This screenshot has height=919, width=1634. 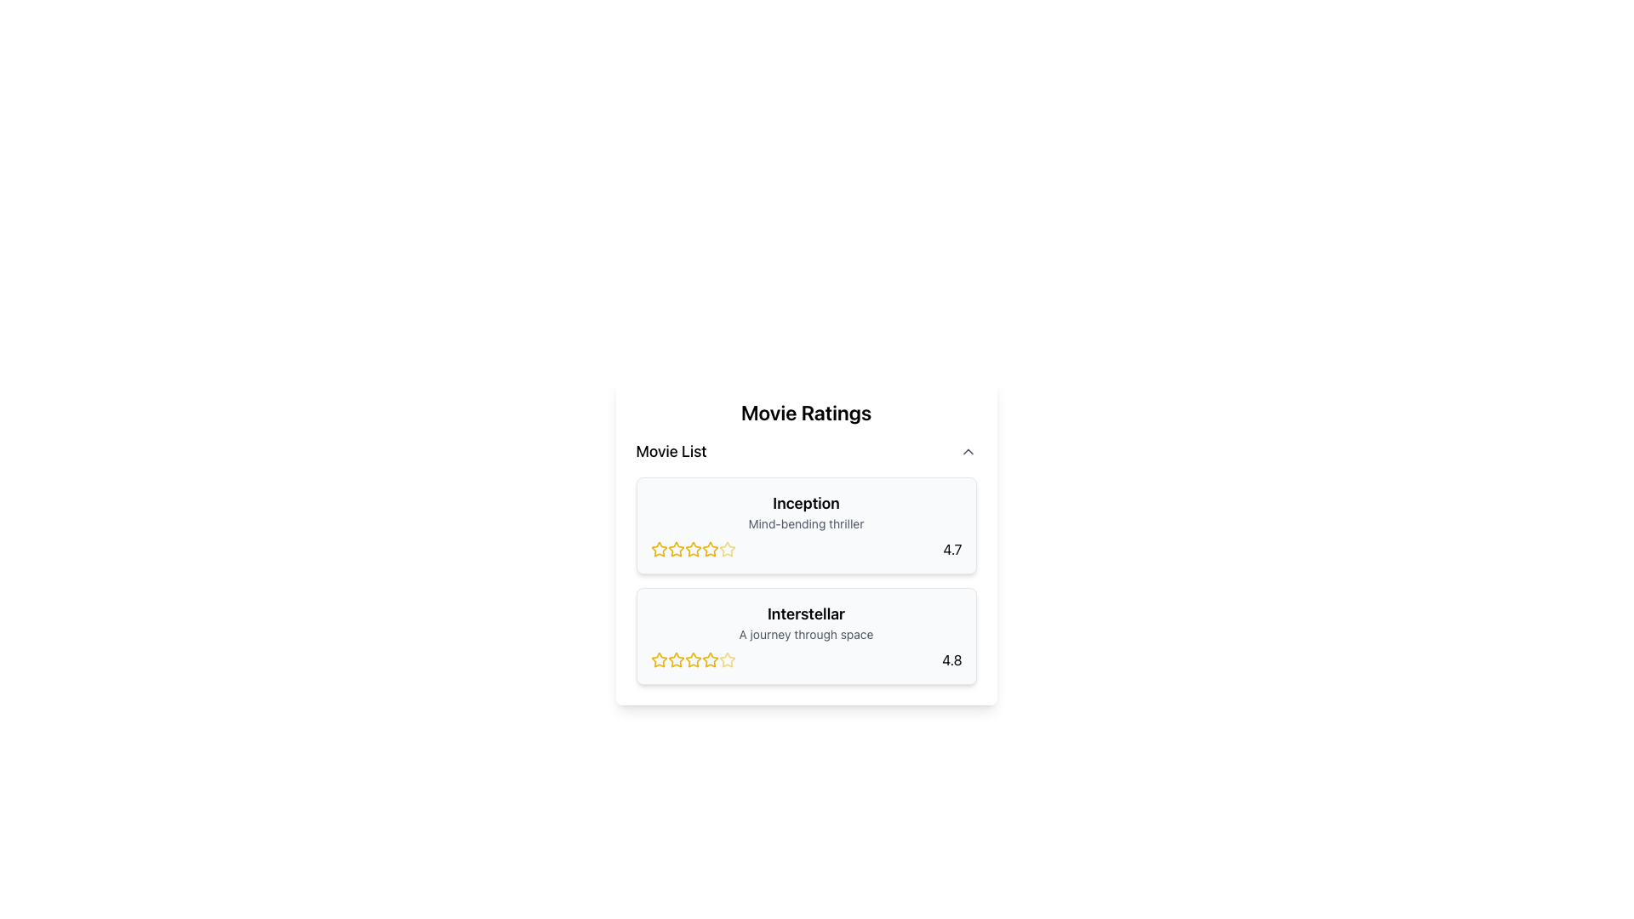 What do you see at coordinates (805, 549) in the screenshot?
I see `the Rating Display element showing a rating score of '4.7' with solid and semi-transparent star icons, located near the title 'Inception'` at bounding box center [805, 549].